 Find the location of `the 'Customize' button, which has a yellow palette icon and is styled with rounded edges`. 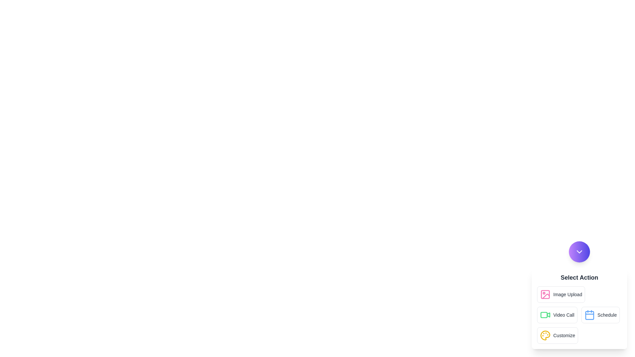

the 'Customize' button, which has a yellow palette icon and is styled with rounded edges is located at coordinates (557, 335).